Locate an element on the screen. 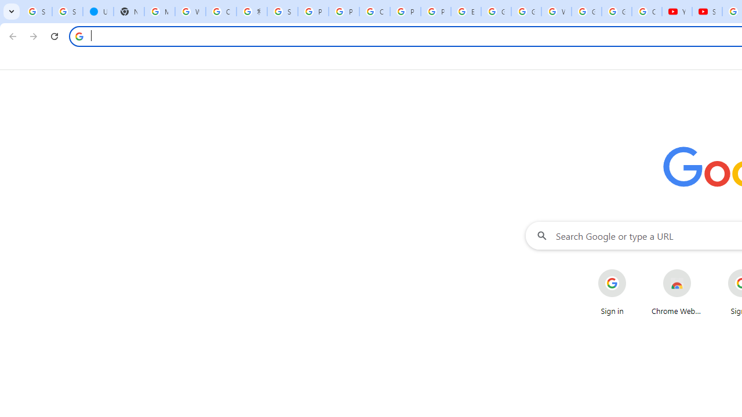  'Edit and view right-to-left text - Google Docs Editors Help' is located at coordinates (465, 12).